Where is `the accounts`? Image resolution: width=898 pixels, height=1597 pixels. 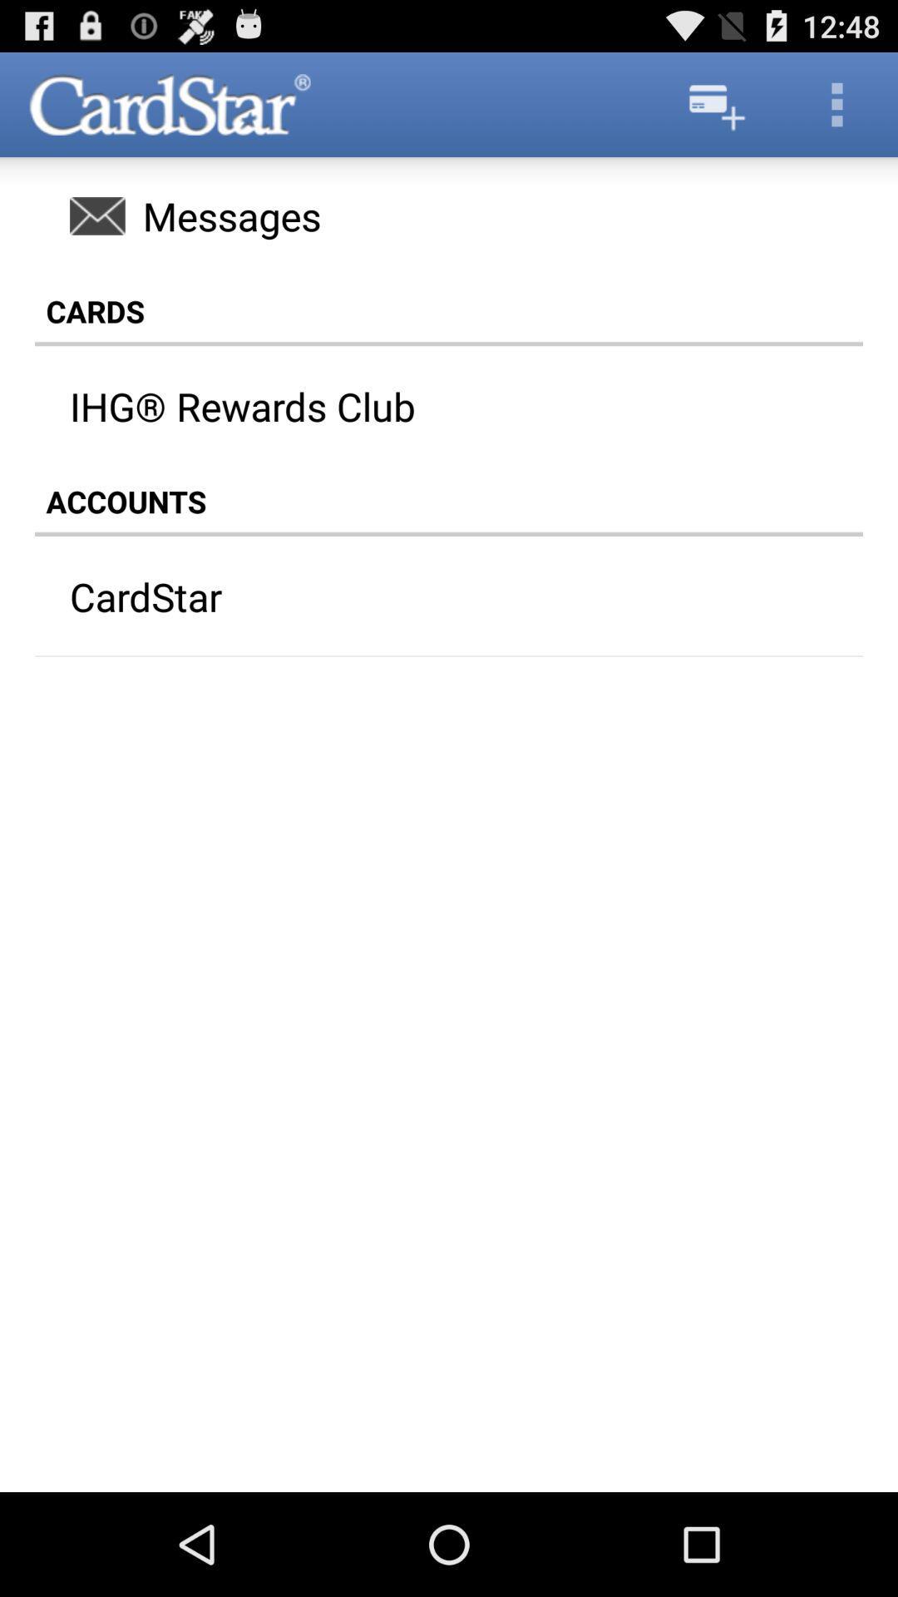
the accounts is located at coordinates (449, 501).